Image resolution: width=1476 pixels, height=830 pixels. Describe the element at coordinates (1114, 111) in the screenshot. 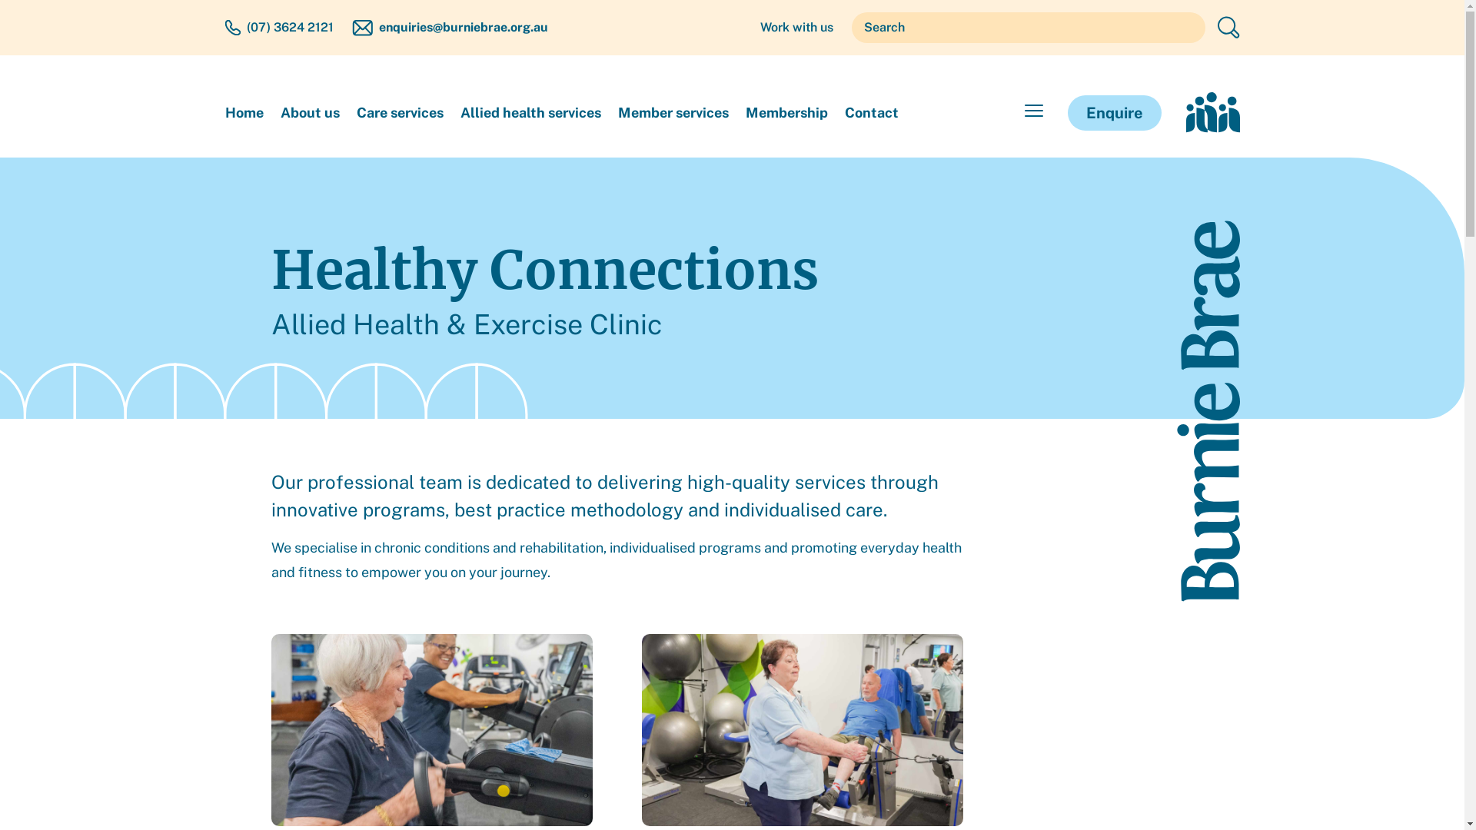

I see `'Enquire'` at that location.